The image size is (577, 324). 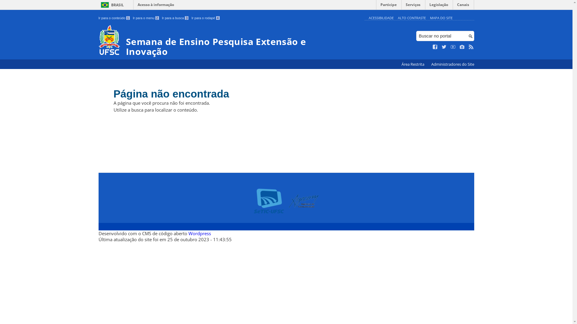 What do you see at coordinates (435, 47) in the screenshot?
I see `'Curta no Facebook'` at bounding box center [435, 47].